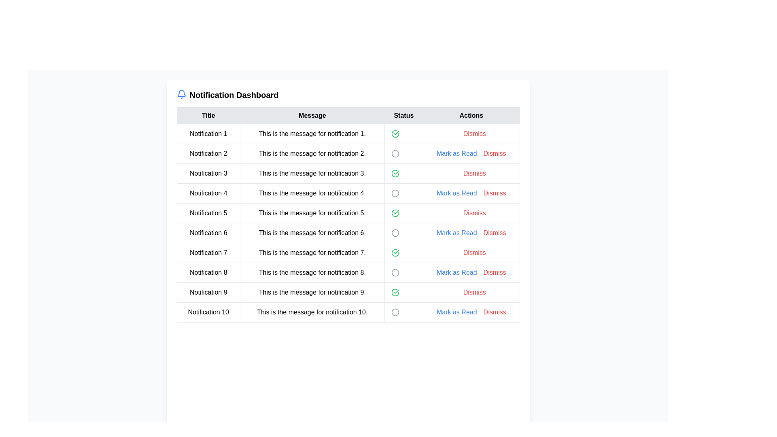 The image size is (777, 437). Describe the element at coordinates (348, 223) in the screenshot. I see `the table row labeled 'Notification 5'` at that location.